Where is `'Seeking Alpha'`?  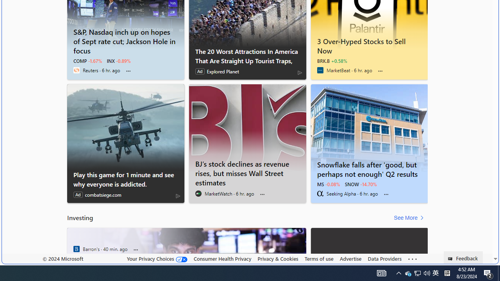
'Seeking Alpha' is located at coordinates (320, 193).